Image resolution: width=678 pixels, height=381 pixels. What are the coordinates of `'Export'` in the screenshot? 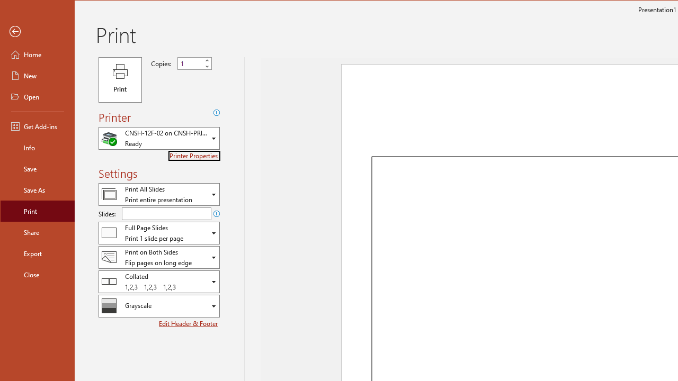 It's located at (38, 253).